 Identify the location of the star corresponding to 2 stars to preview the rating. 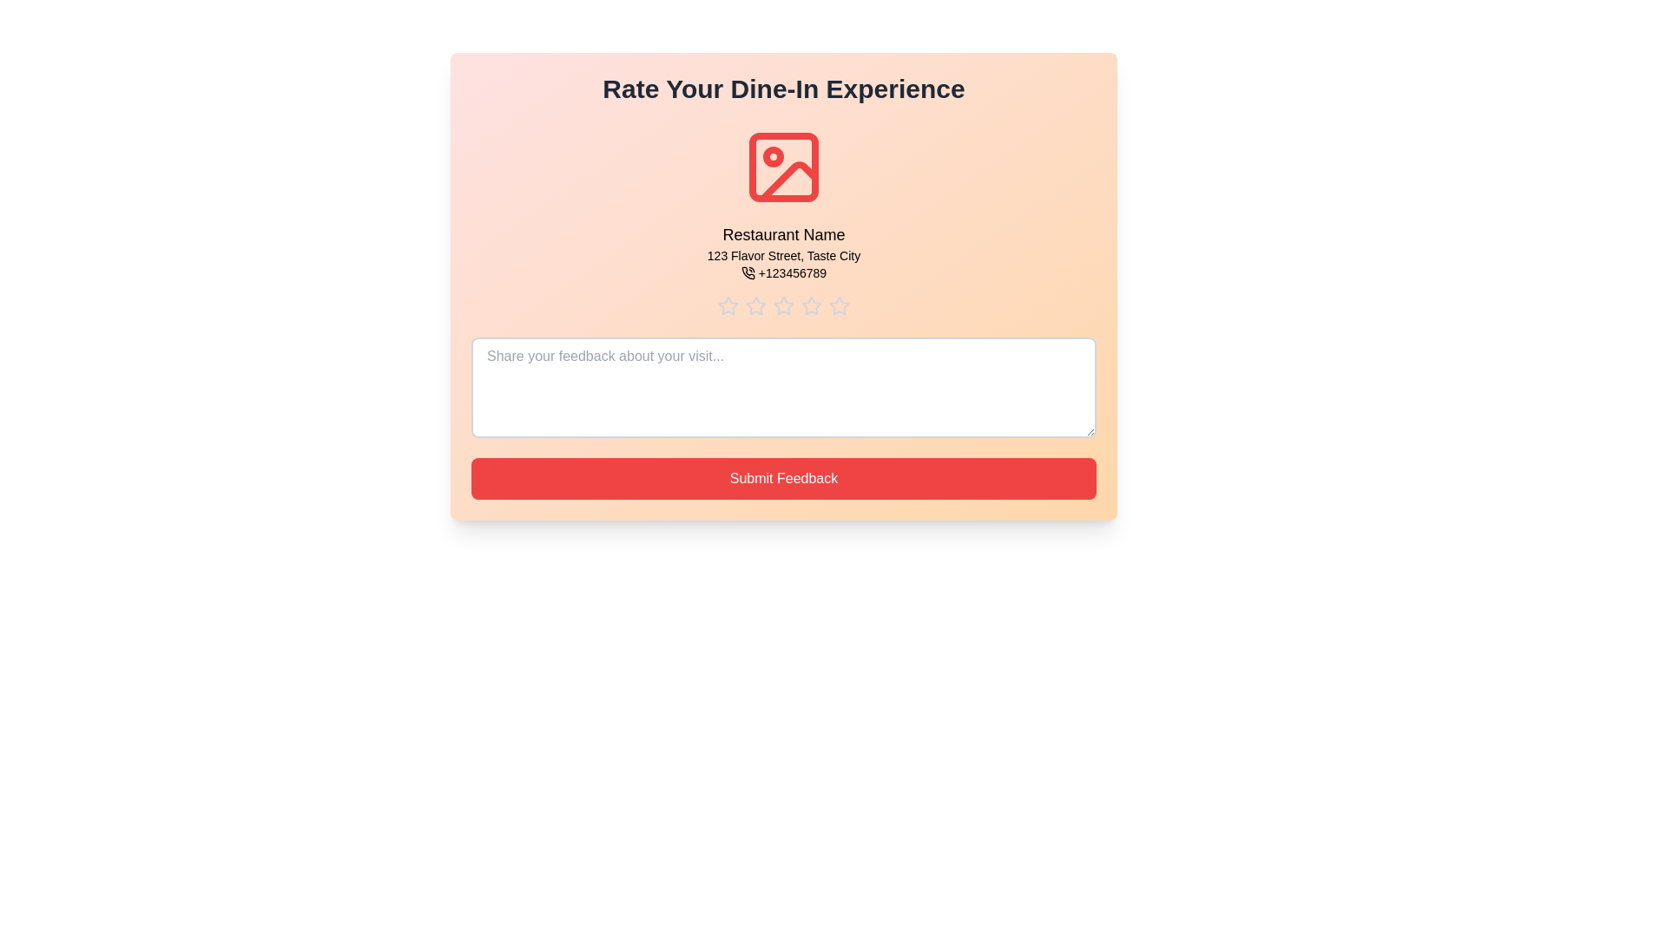
(755, 305).